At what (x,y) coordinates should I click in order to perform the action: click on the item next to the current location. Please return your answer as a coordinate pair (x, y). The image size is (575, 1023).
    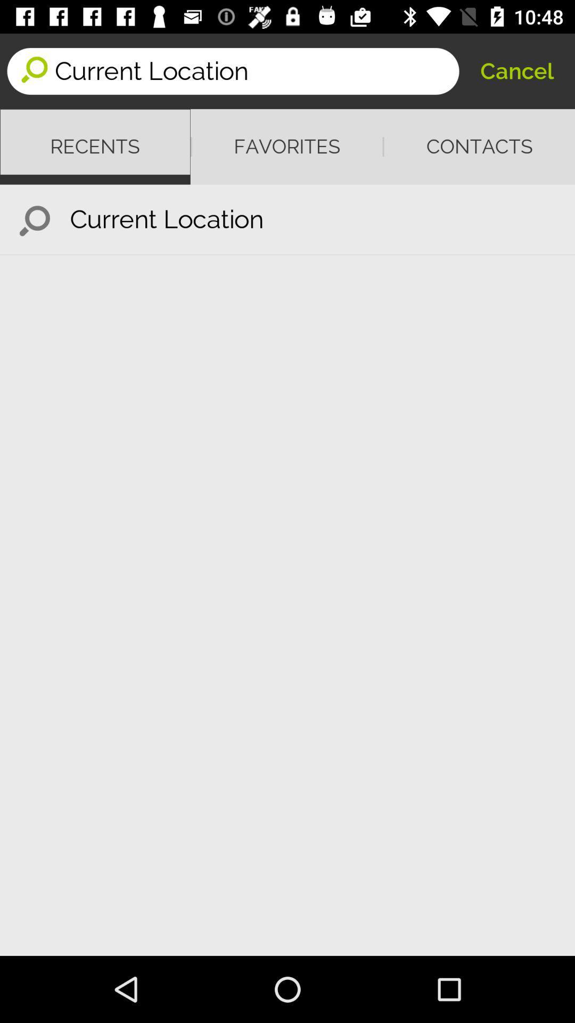
    Looking at the image, I should click on (516, 70).